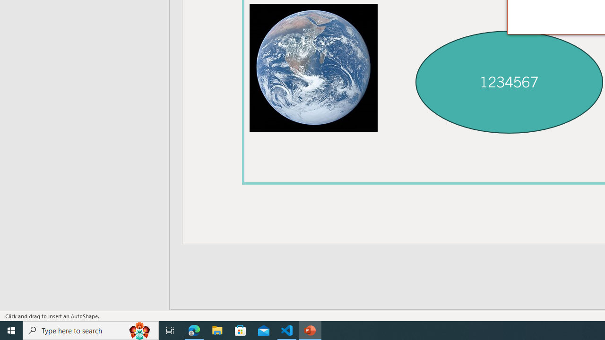  Describe the element at coordinates (11, 330) in the screenshot. I see `'Start'` at that location.